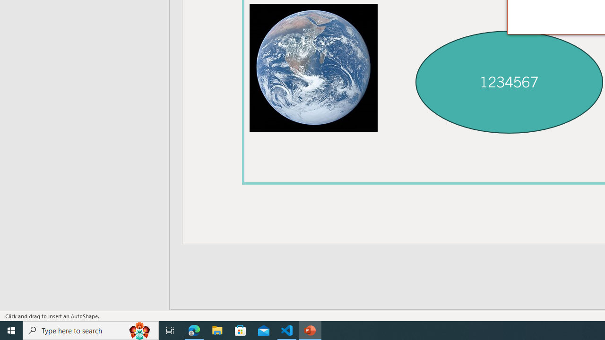  Describe the element at coordinates (11, 330) in the screenshot. I see `'Start'` at that location.